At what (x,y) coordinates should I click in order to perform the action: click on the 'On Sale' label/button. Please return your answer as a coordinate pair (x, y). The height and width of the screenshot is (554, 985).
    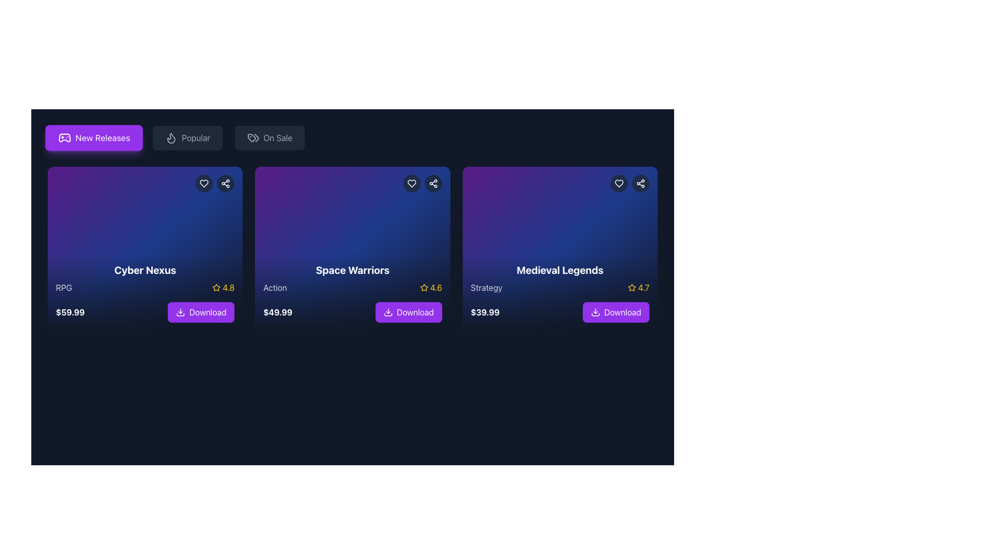
    Looking at the image, I should click on (278, 137).